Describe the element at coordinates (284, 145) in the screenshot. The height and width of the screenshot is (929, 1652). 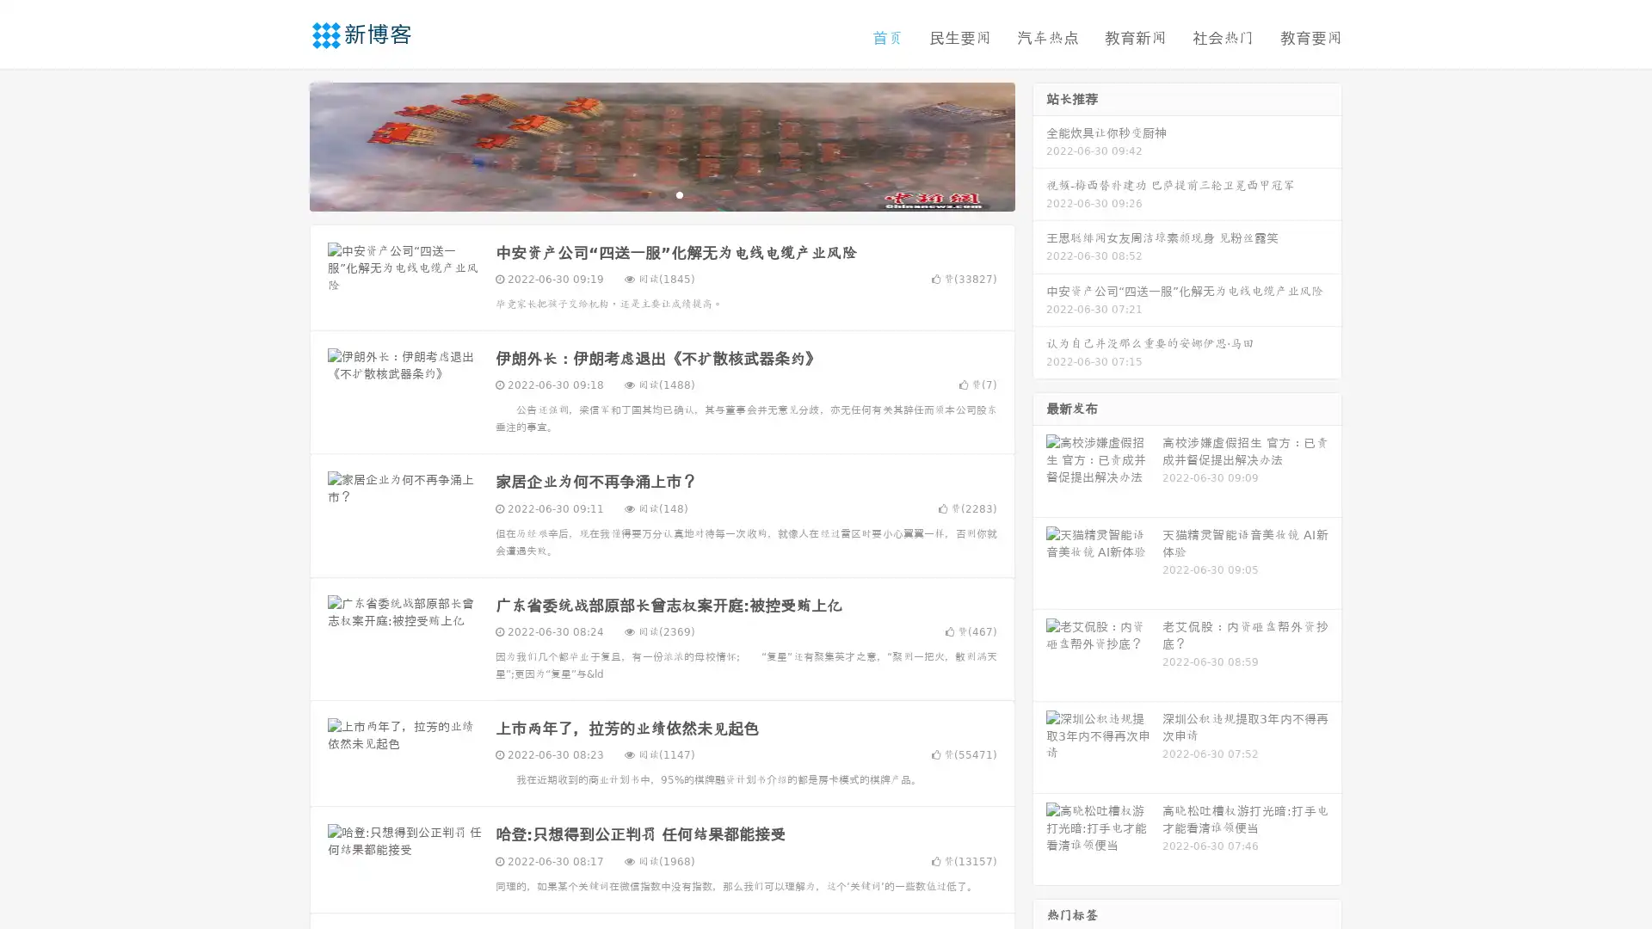
I see `Previous slide` at that location.